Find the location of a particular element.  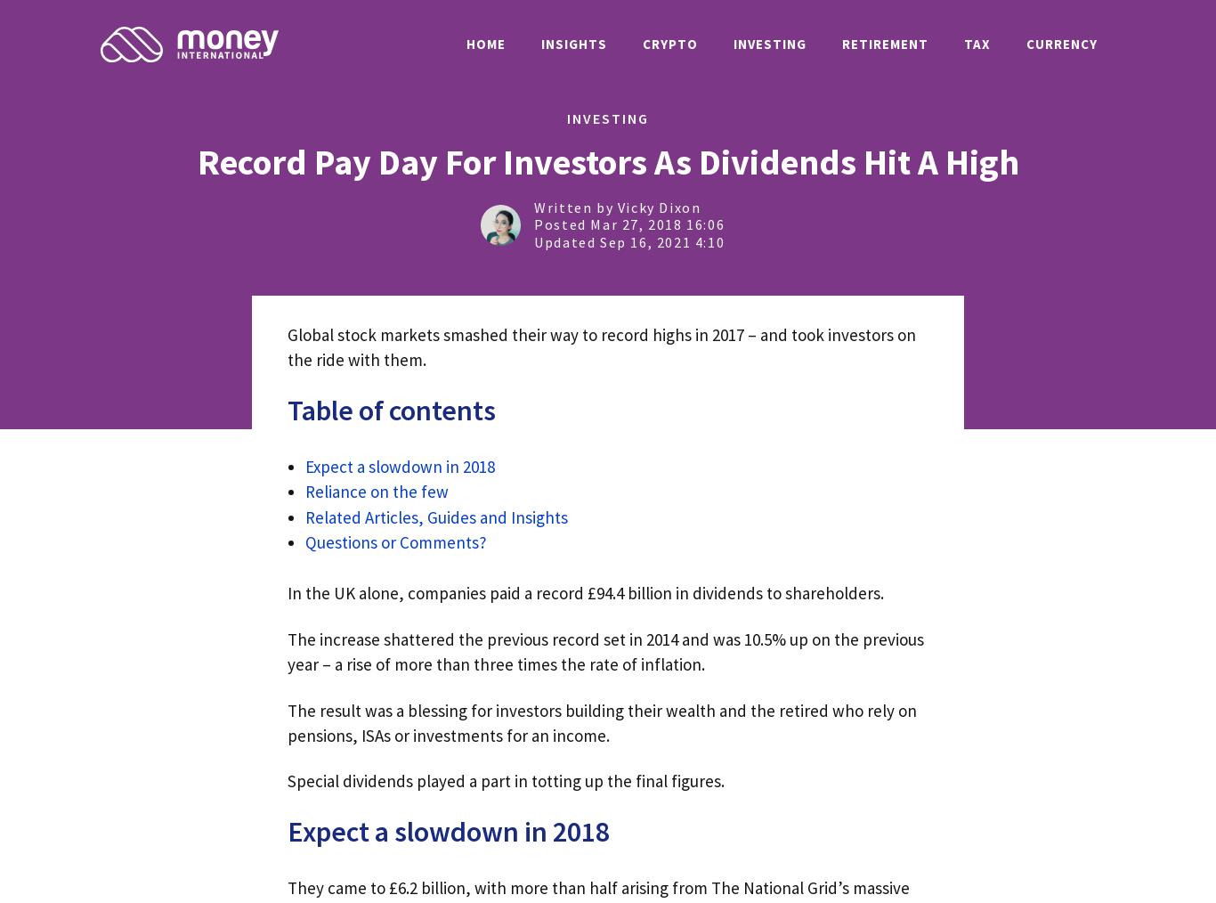

'Table of contents' is located at coordinates (288, 409).